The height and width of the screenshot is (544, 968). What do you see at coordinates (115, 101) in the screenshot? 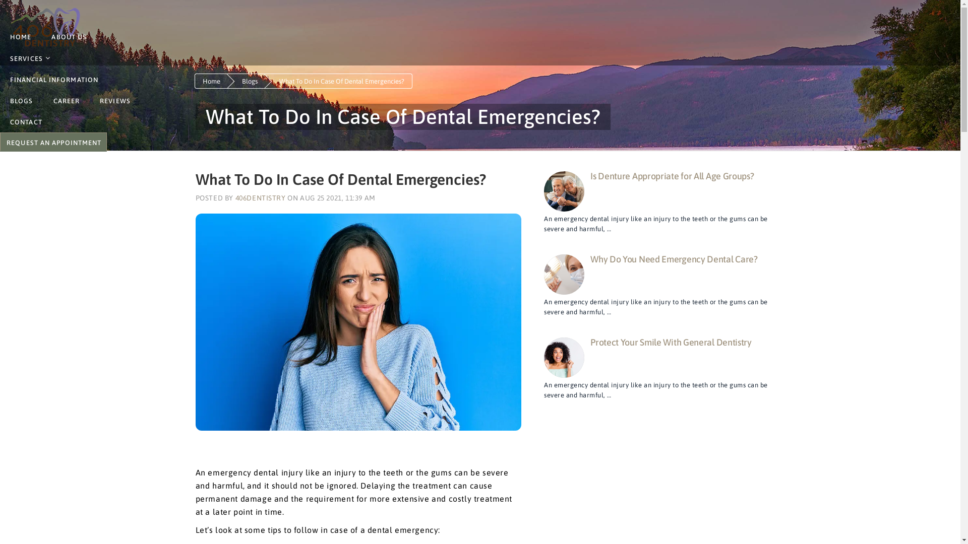
I see `'REVIEWS'` at bounding box center [115, 101].